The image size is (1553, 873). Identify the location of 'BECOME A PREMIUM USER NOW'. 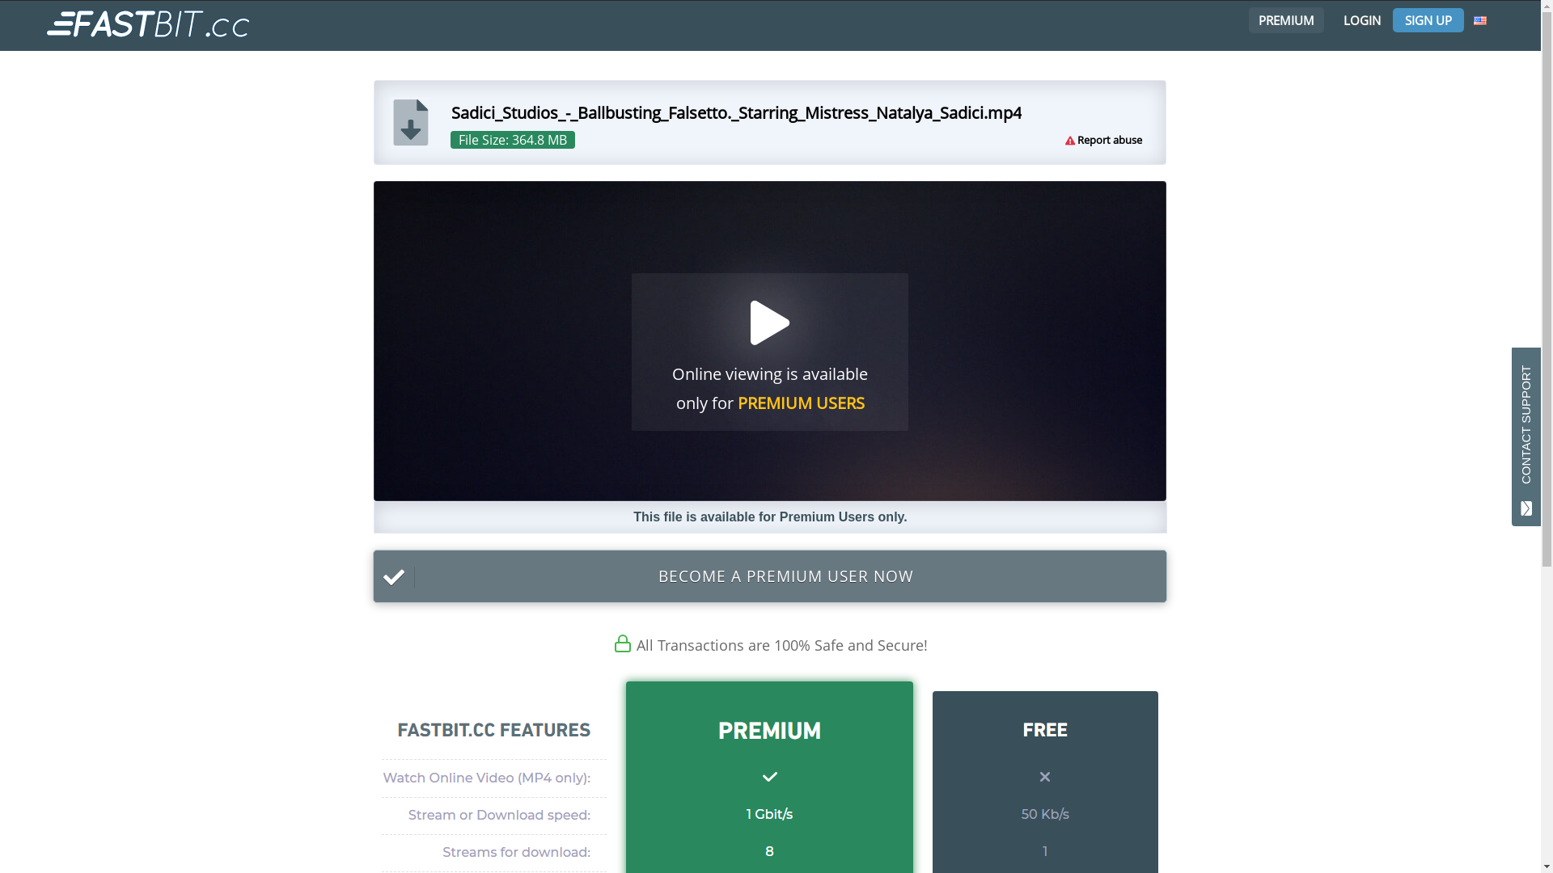
(768, 576).